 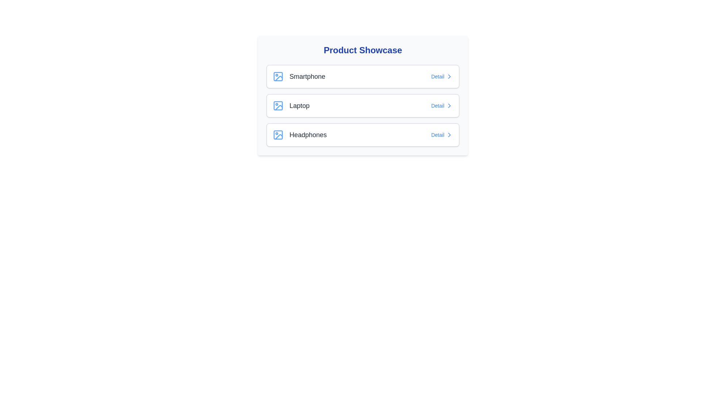 I want to click on the 'Detail' button for the Laptop product, so click(x=441, y=105).